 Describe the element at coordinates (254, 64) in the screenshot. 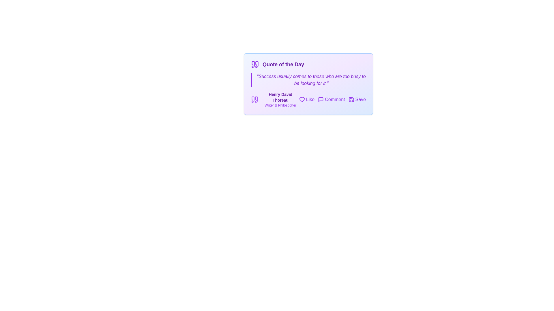

I see `the SVG graphic that is adjacent to the 'Quote of the Day' text, serving as a decorative icon` at that location.